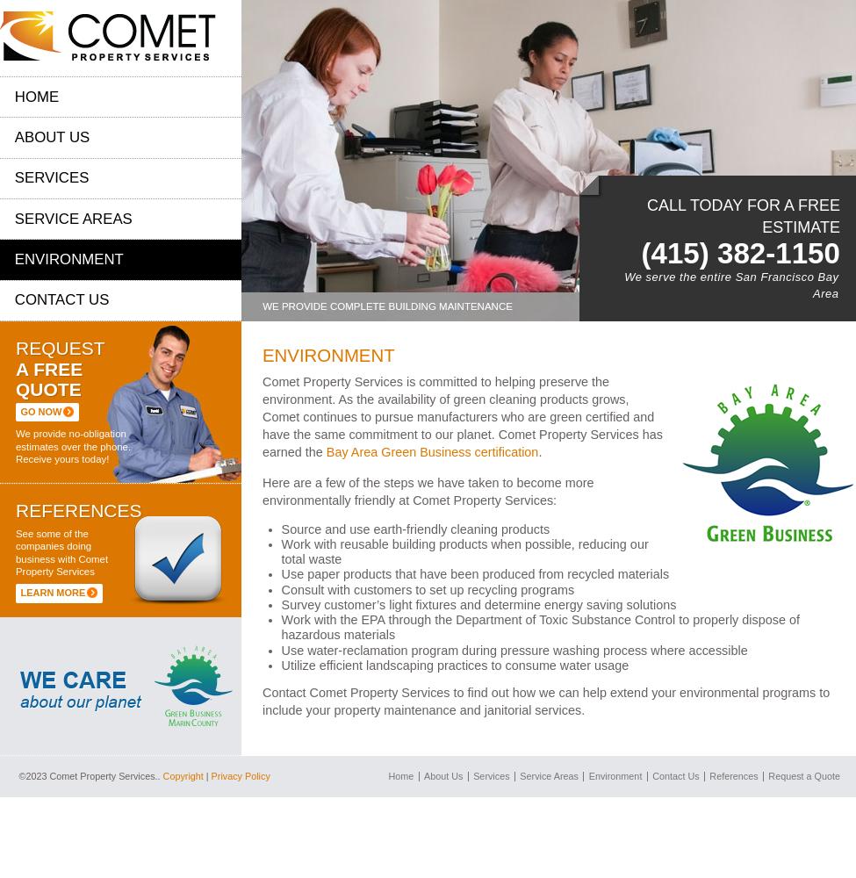 This screenshot has width=856, height=878. Describe the element at coordinates (51, 136) in the screenshot. I see `'About Us'` at that location.